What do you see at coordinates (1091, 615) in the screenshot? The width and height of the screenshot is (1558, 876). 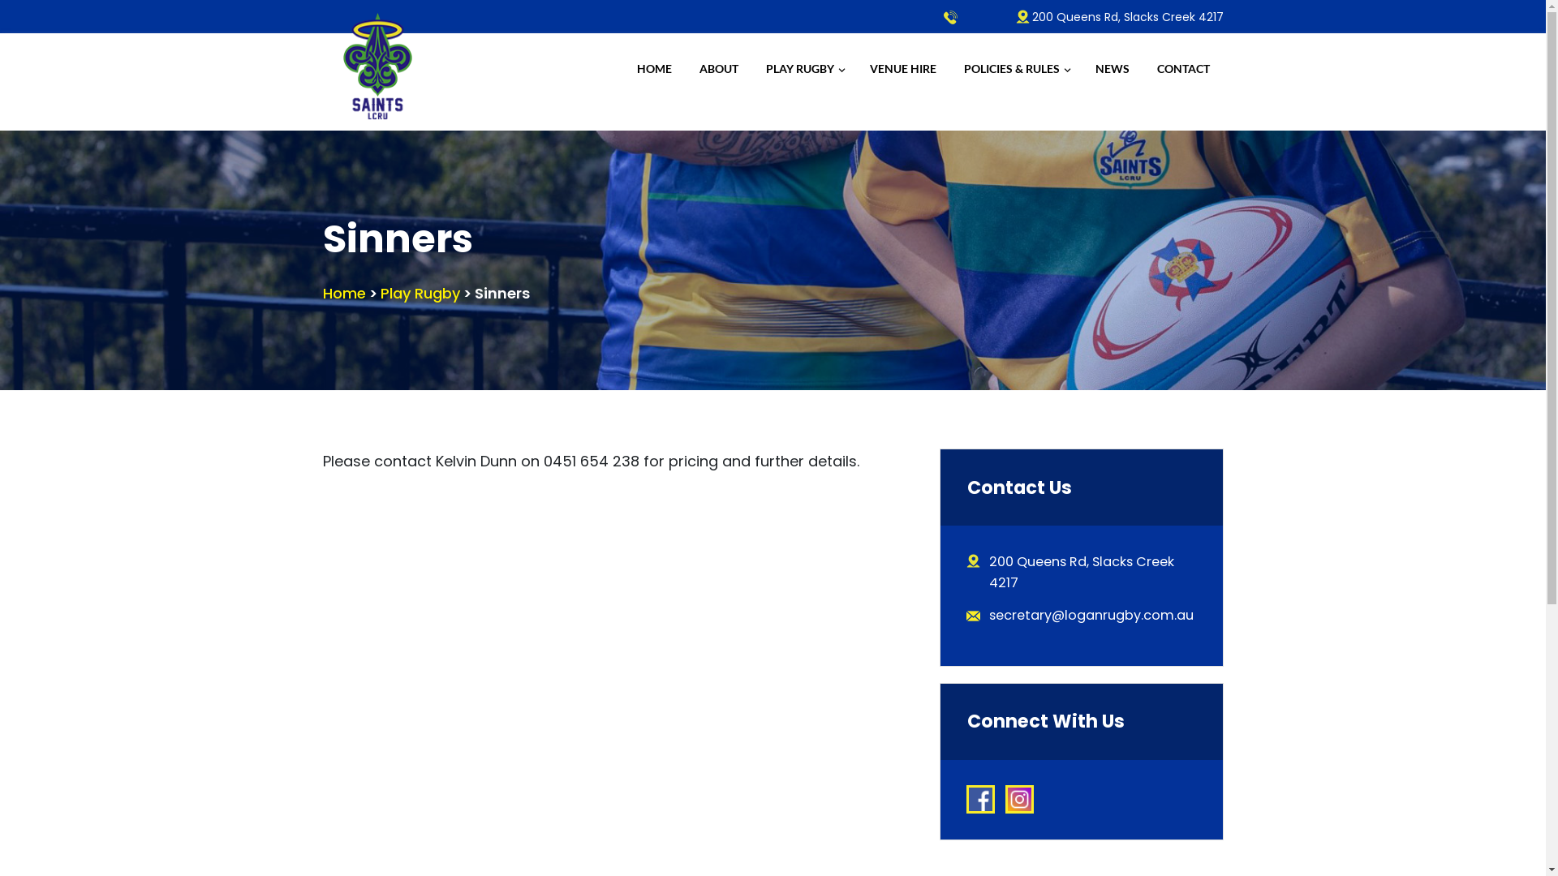 I see `'secretary@loganrugby.com.au'` at bounding box center [1091, 615].